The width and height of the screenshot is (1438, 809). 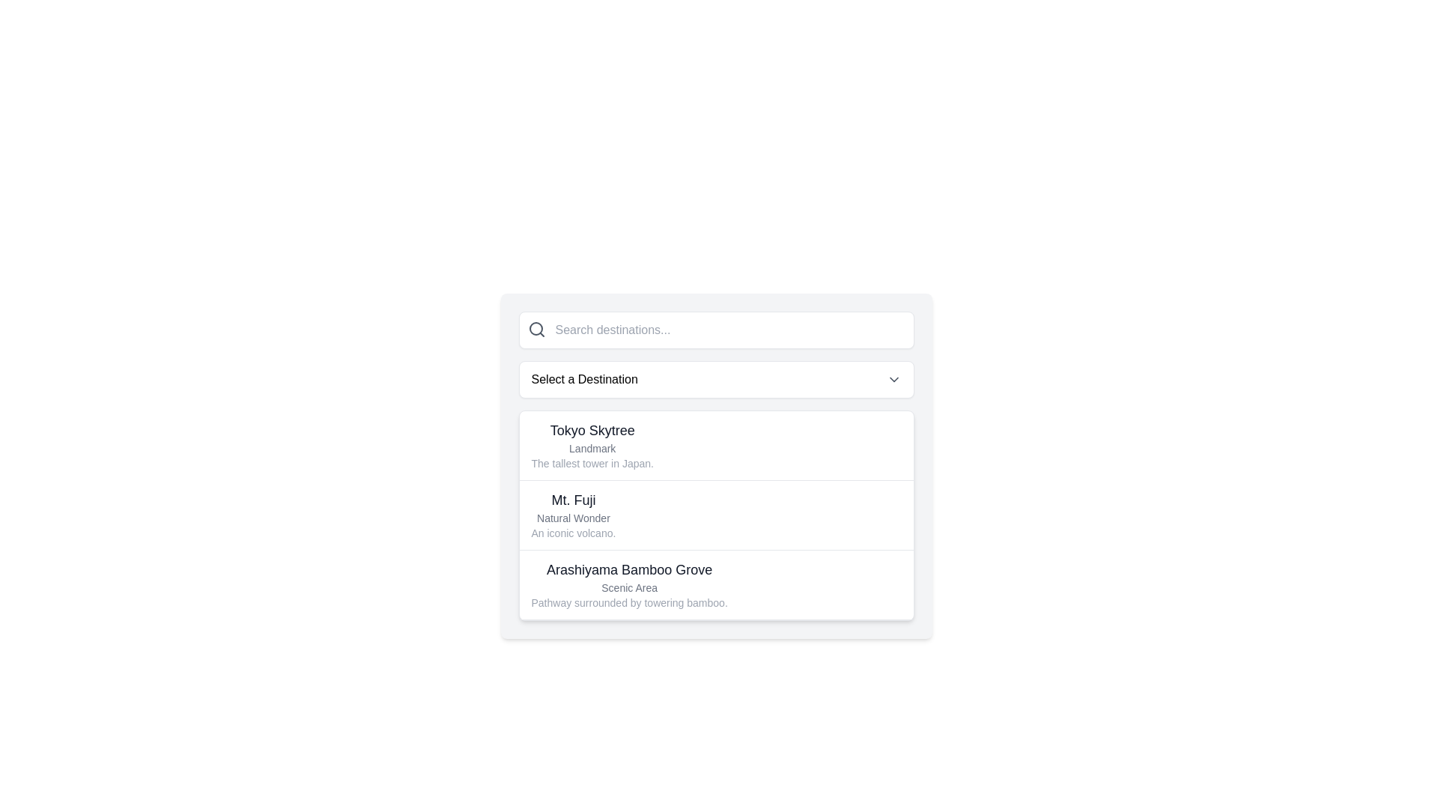 What do you see at coordinates (592, 444) in the screenshot?
I see `the list item for 'Tokyo Skytree', which has a bold header, smaller subtext 'Landmark', and a descriptive line about being the tallest tower in Japan` at bounding box center [592, 444].